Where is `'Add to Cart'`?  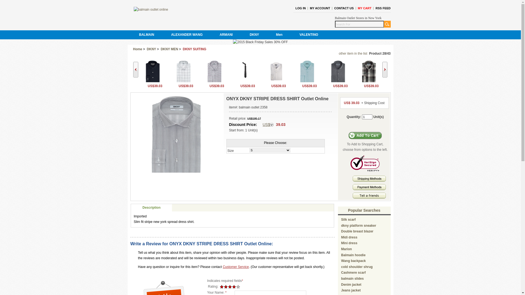
'Add to Cart' is located at coordinates (365, 135).